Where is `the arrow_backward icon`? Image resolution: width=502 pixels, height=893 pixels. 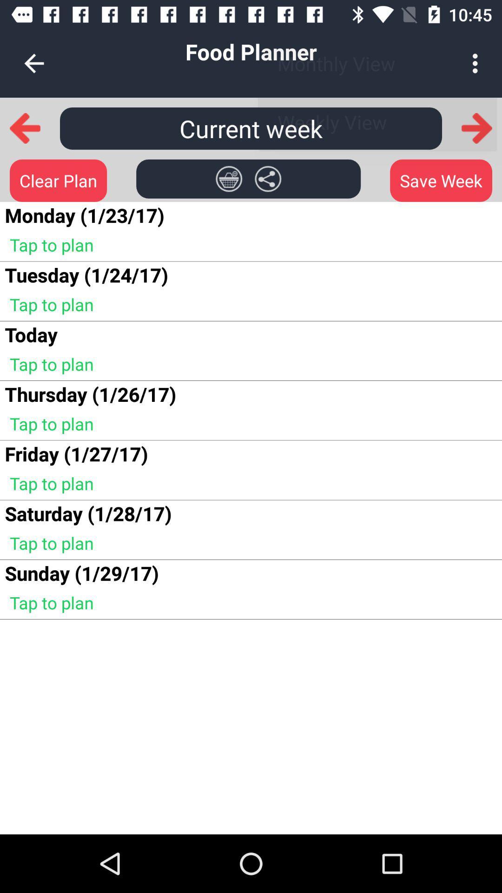 the arrow_backward icon is located at coordinates (25, 127).